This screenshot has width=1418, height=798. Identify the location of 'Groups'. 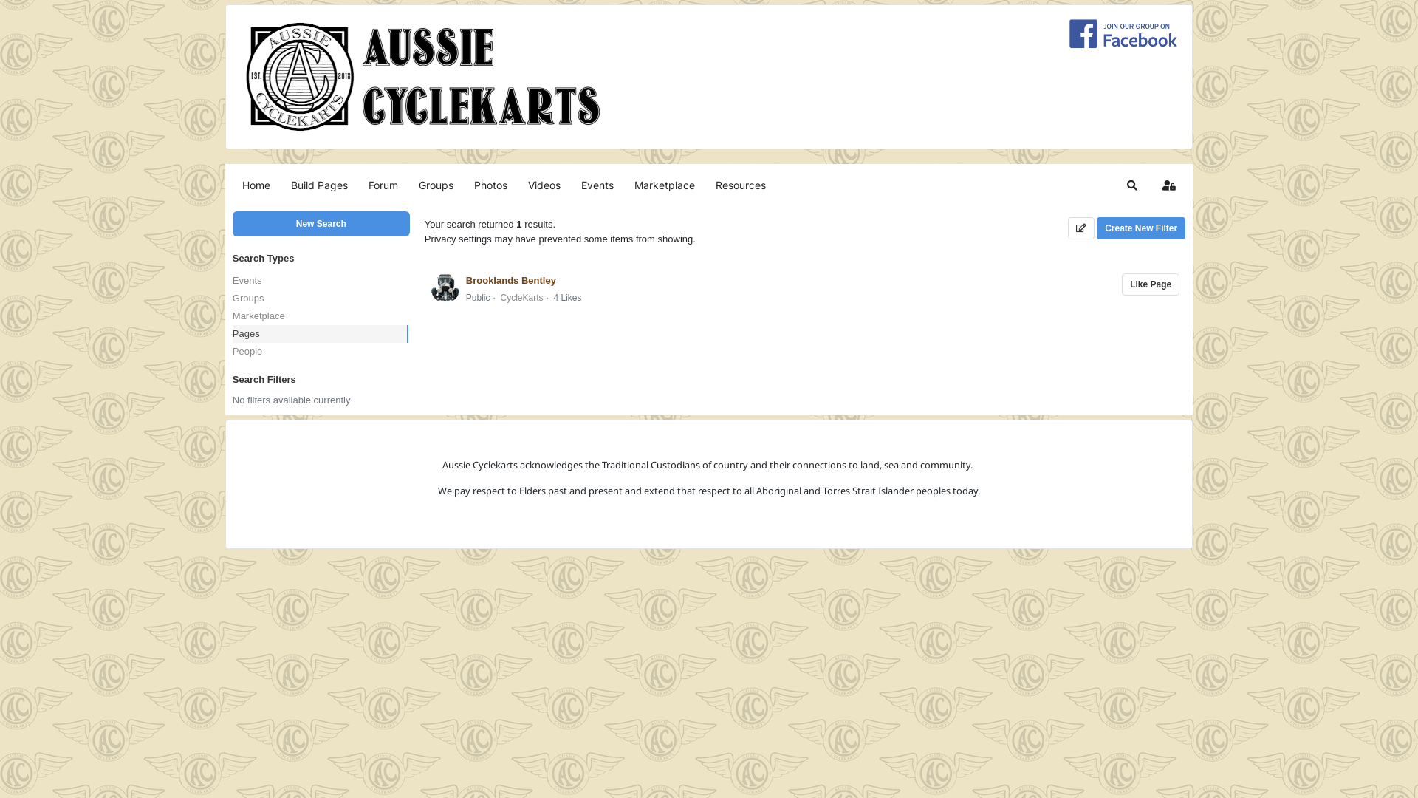
(435, 184).